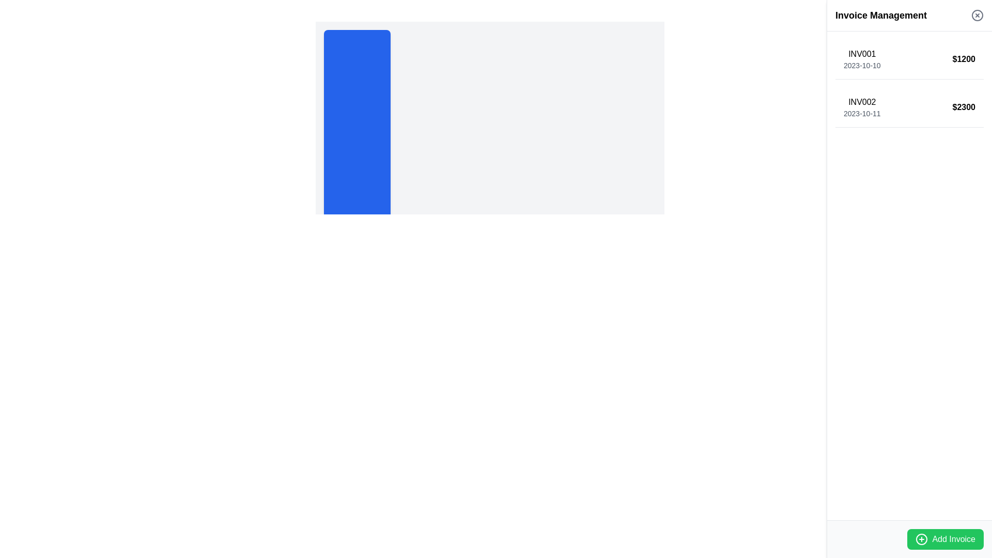 The image size is (992, 558). I want to click on the Text label element showing 'INV002' and '2023-10-11', which is the second entry in the list on the right-hand side of the interface, so click(862, 107).